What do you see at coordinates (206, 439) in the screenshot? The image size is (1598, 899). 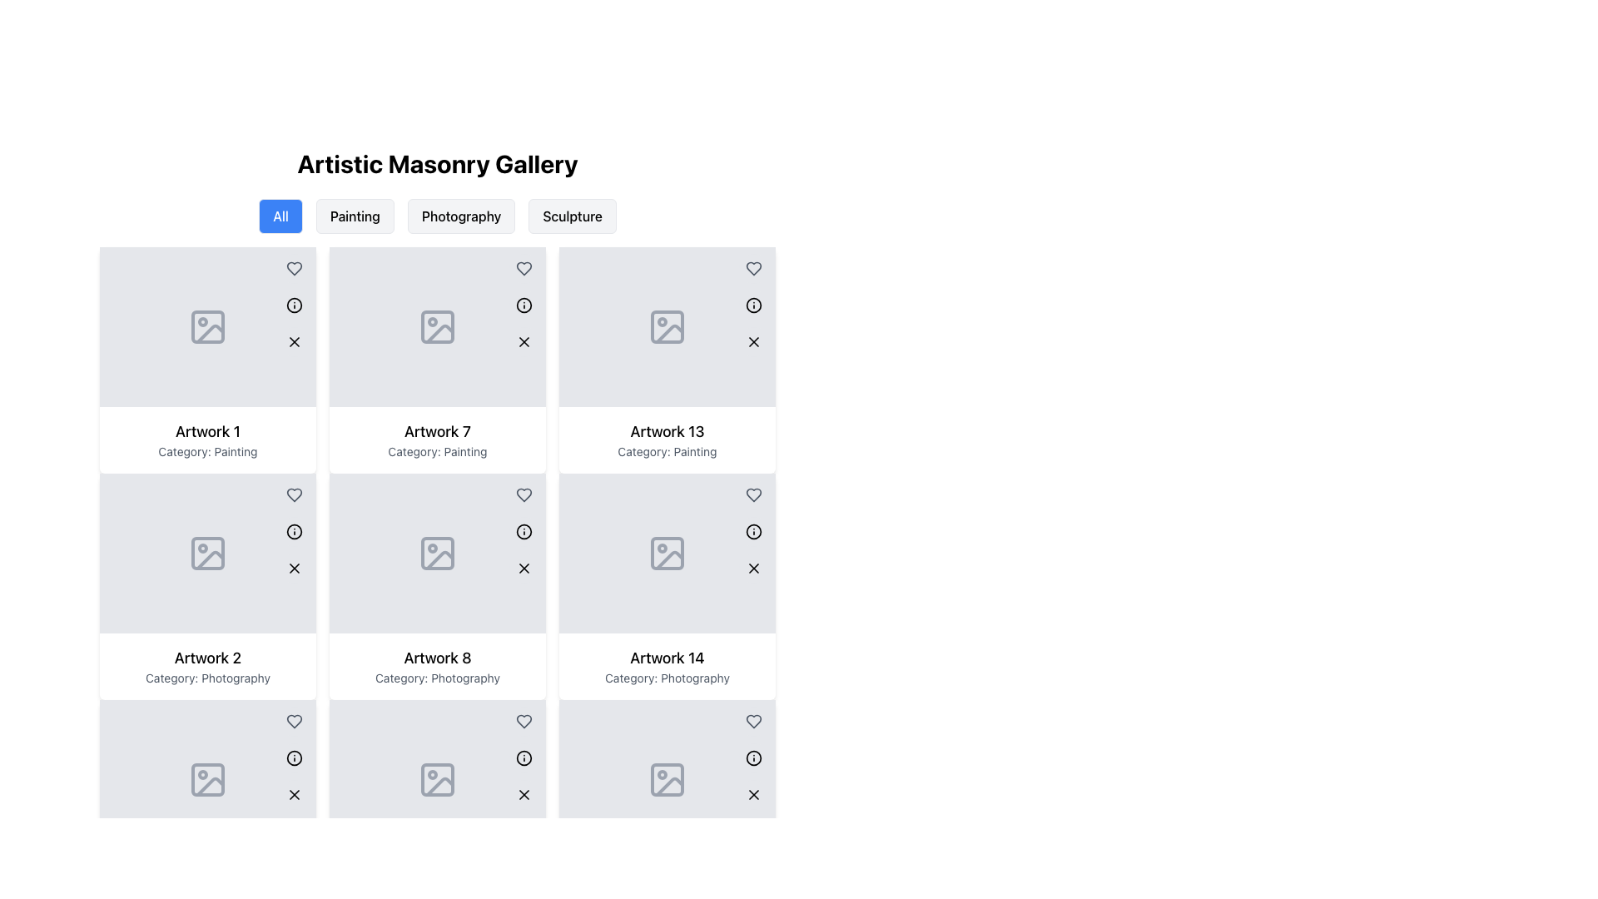 I see `text block titled 'Artwork 1' which indicates 'Category: Painting' located at the bottom section of the first card in the leftmost column of the grid layout` at bounding box center [206, 439].